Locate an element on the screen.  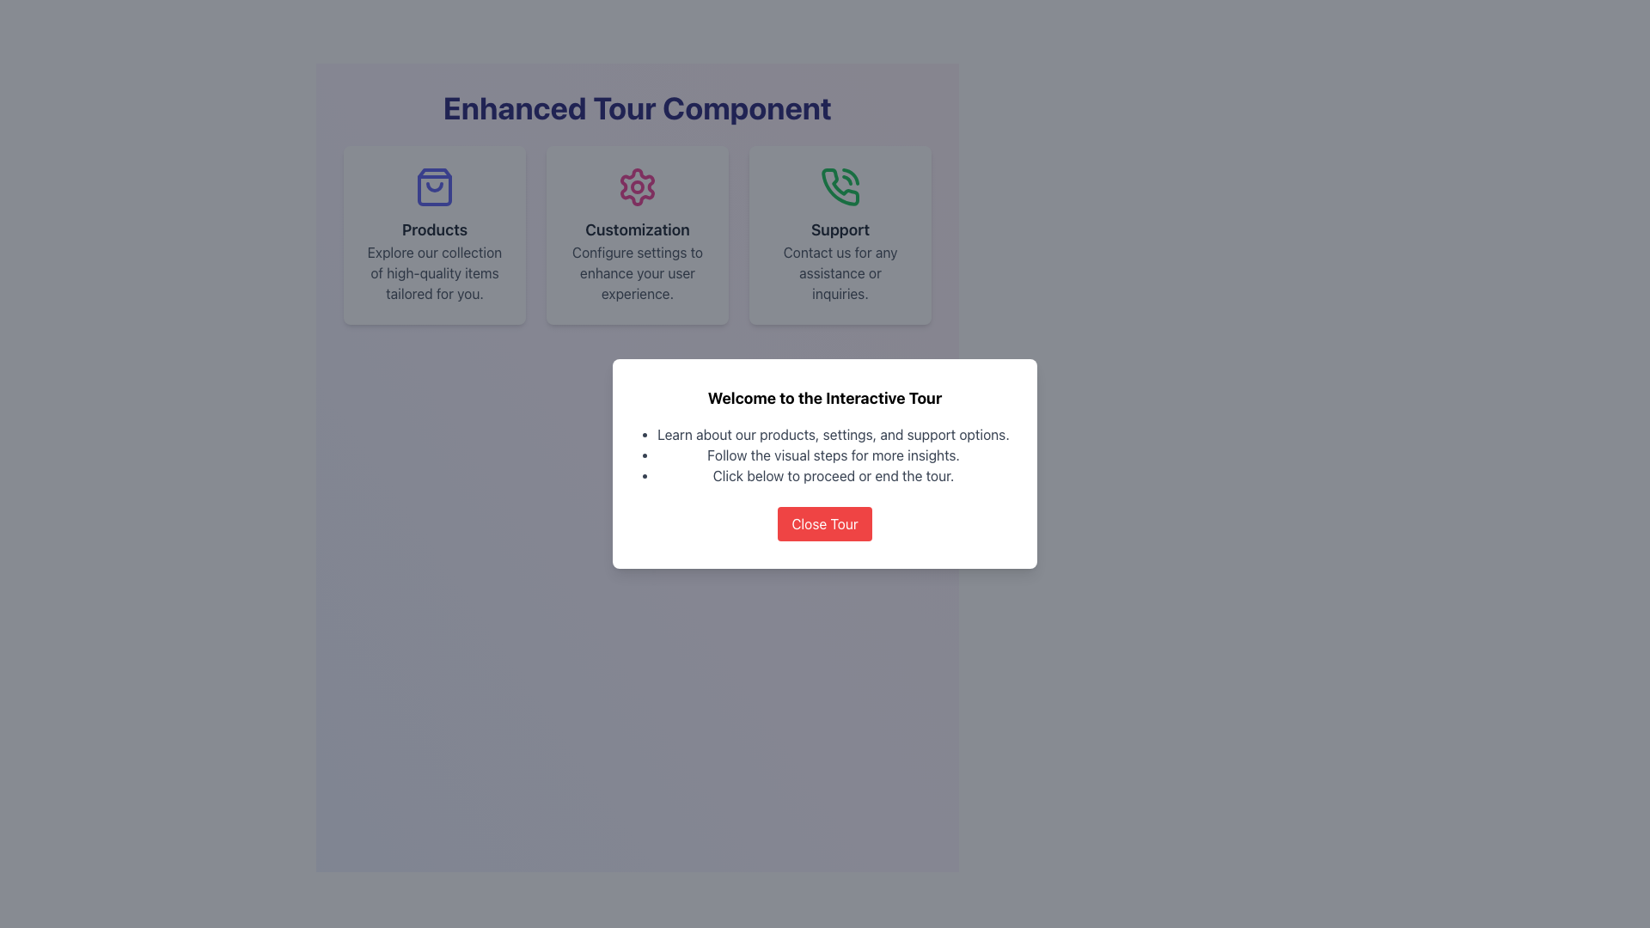
descriptive text about the 'Customization' feature located within the card labeled 'Customization', which is situated in the center column of three horizontally laid out cards is located at coordinates (637, 272).